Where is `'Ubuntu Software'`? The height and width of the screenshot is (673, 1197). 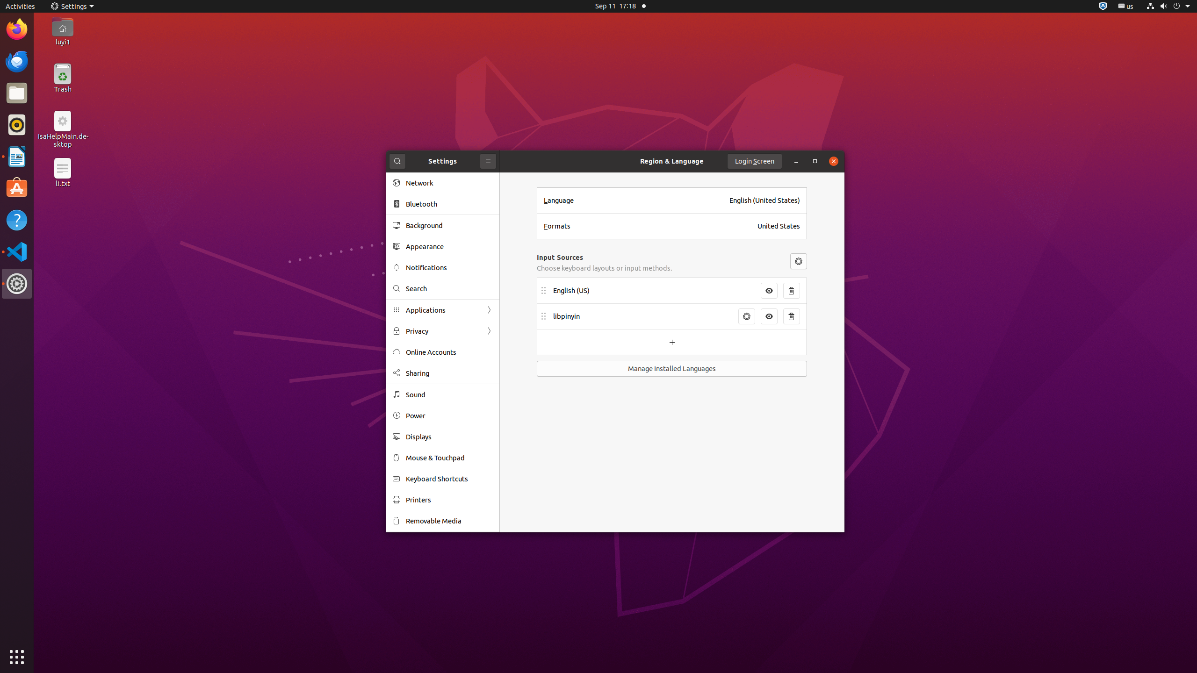
'Ubuntu Software' is located at coordinates (17, 188).